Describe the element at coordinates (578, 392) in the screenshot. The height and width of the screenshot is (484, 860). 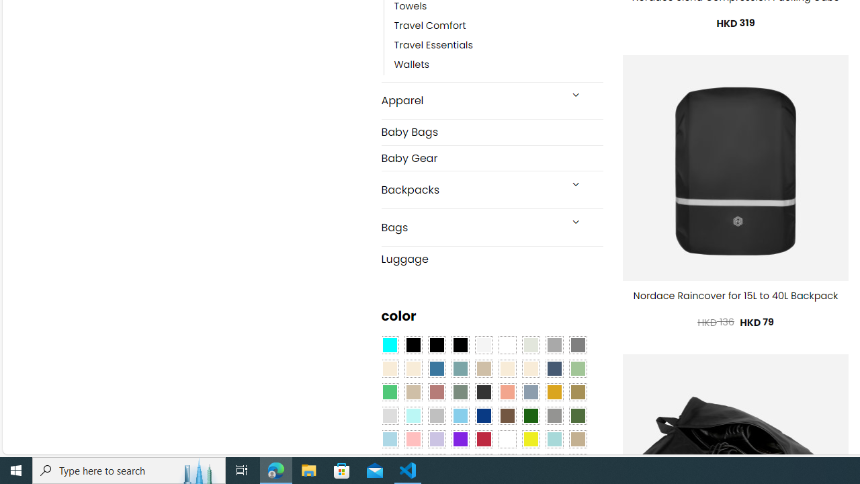
I see `'Kelp'` at that location.